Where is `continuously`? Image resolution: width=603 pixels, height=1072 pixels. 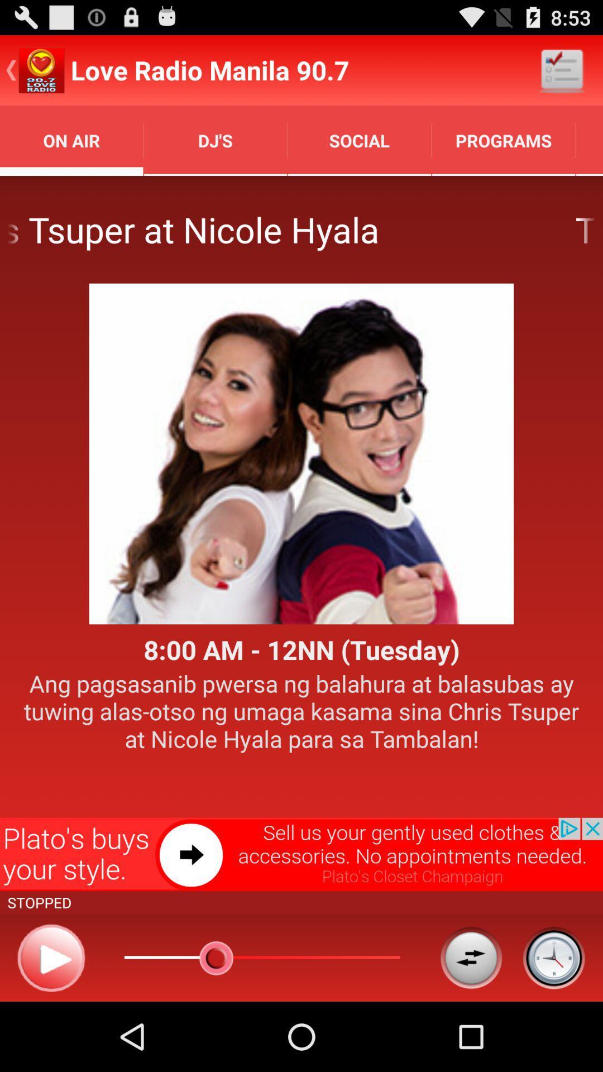 continuously is located at coordinates (471, 957).